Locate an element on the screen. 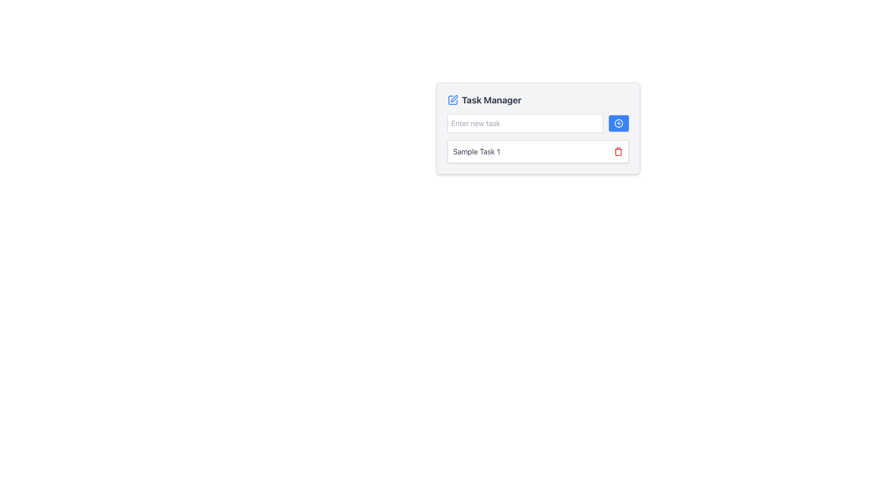  the edit or customization icon located at the top-left of the 'Task Manager' section, adjacent to the title text is located at coordinates (453, 100).